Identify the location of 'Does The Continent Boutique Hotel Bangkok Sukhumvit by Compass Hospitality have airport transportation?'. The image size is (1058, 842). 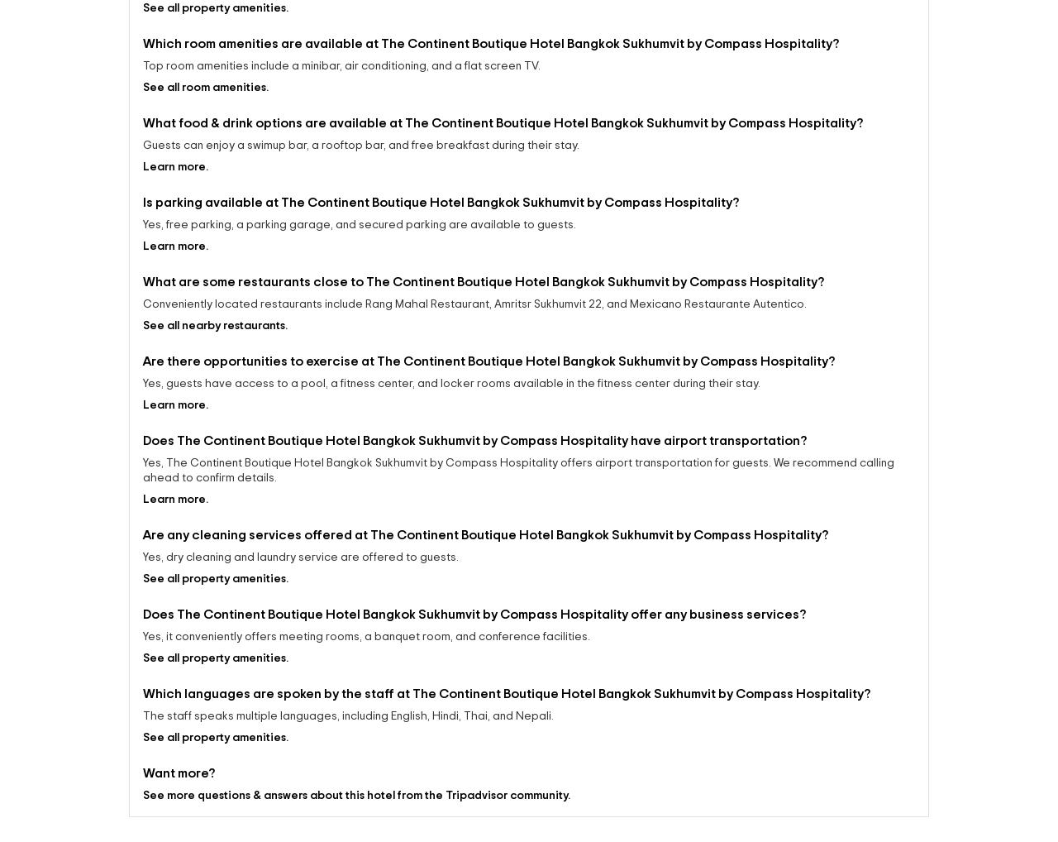
(143, 498).